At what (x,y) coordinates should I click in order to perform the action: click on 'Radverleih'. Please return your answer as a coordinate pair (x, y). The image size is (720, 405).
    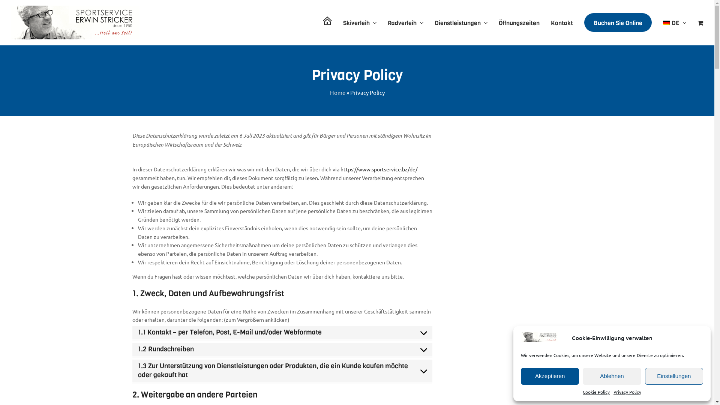
    Looking at the image, I should click on (387, 22).